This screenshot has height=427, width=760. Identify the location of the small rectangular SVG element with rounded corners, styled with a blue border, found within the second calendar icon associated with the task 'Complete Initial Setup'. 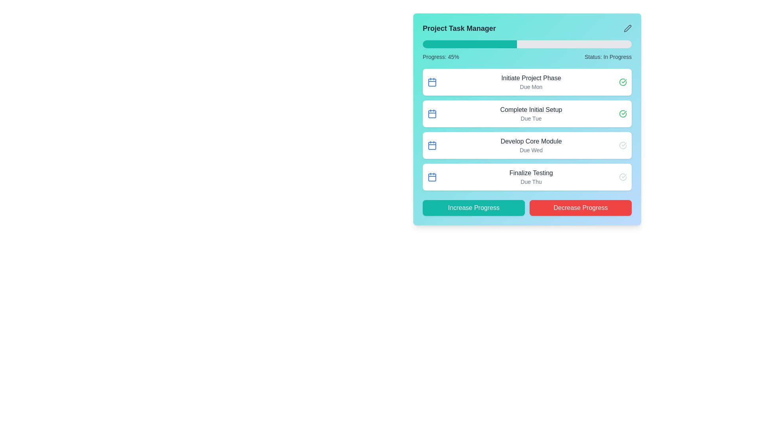
(431, 114).